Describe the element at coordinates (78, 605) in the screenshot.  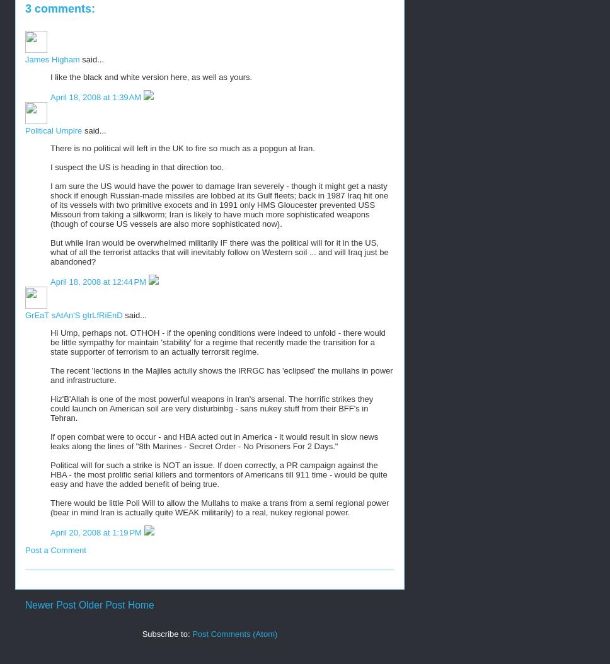
I see `'Older Post'` at that location.